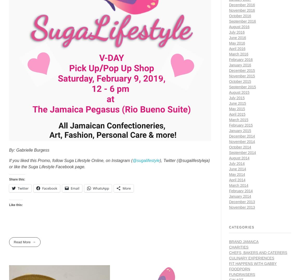  Describe the element at coordinates (241, 59) in the screenshot. I see `'February 2016'` at that location.